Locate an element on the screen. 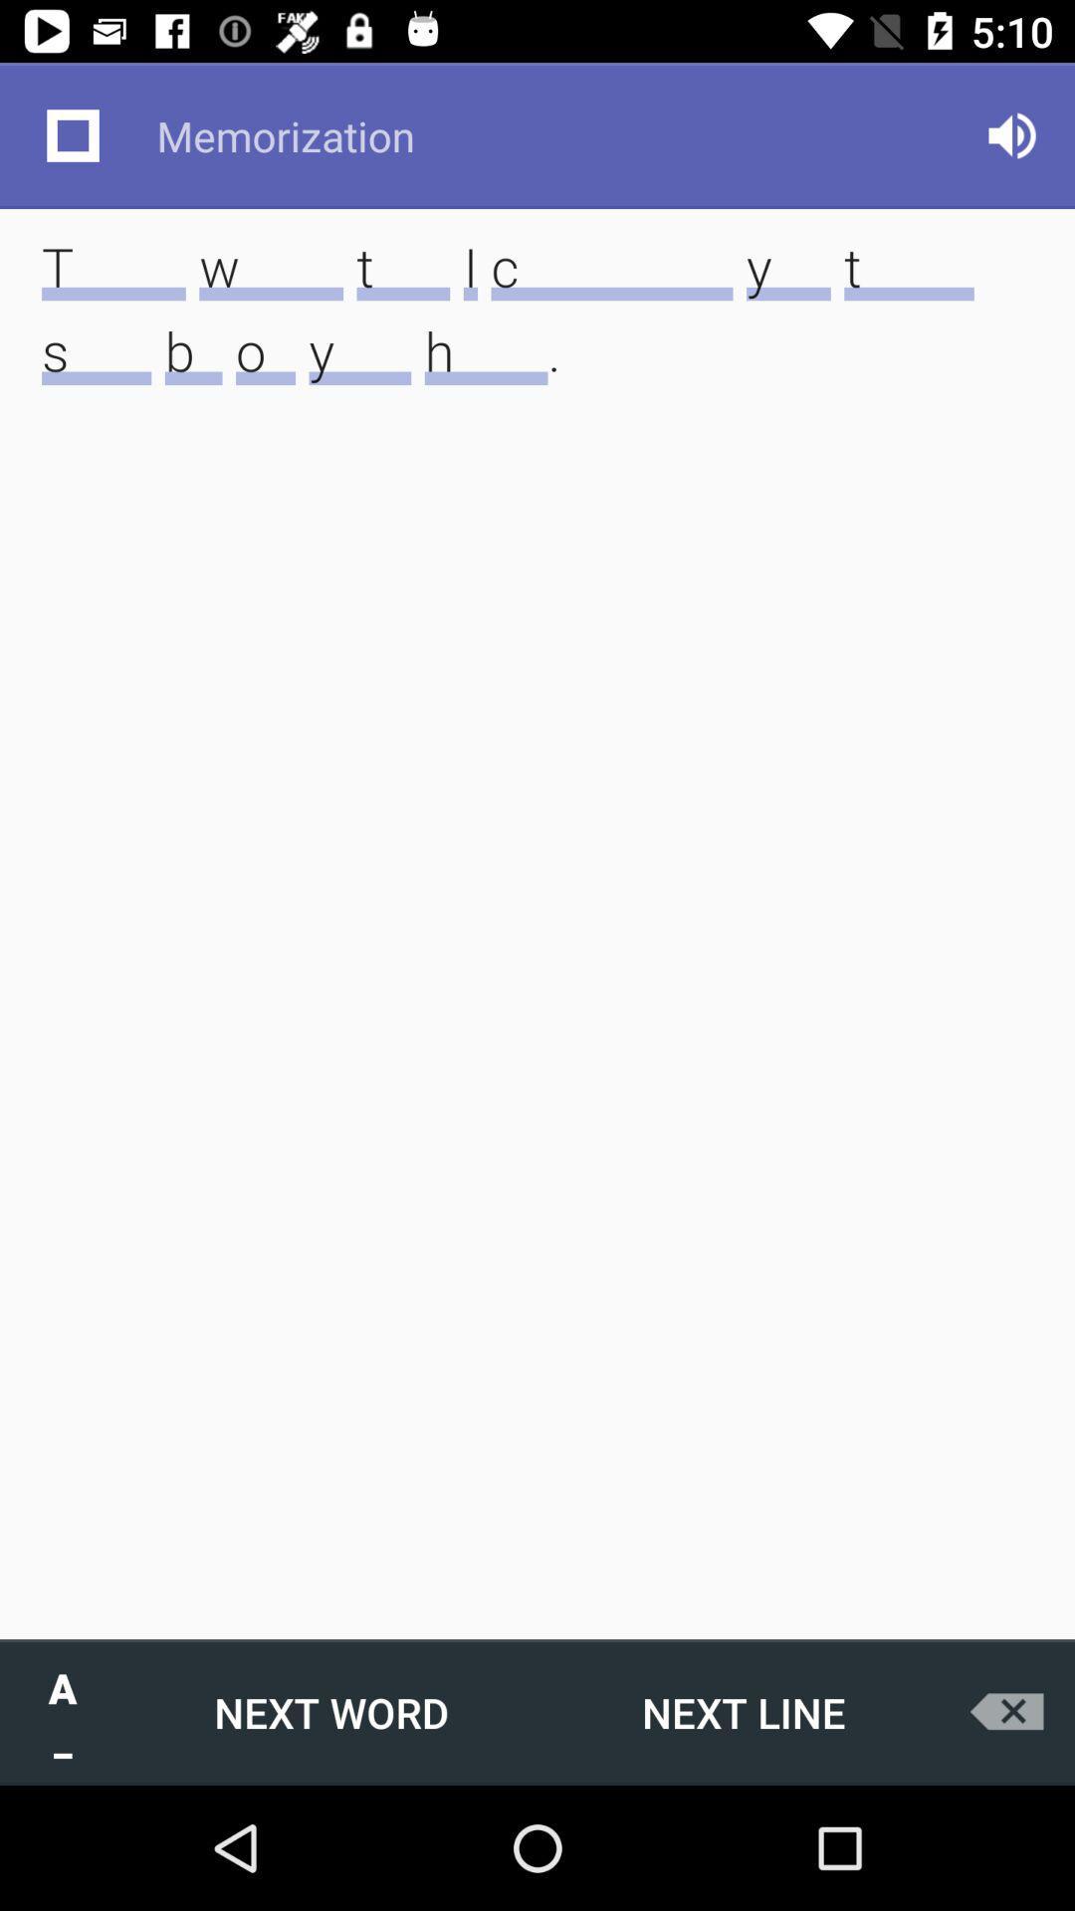 The image size is (1075, 1911). icon to the right of the next line is located at coordinates (1012, 1711).